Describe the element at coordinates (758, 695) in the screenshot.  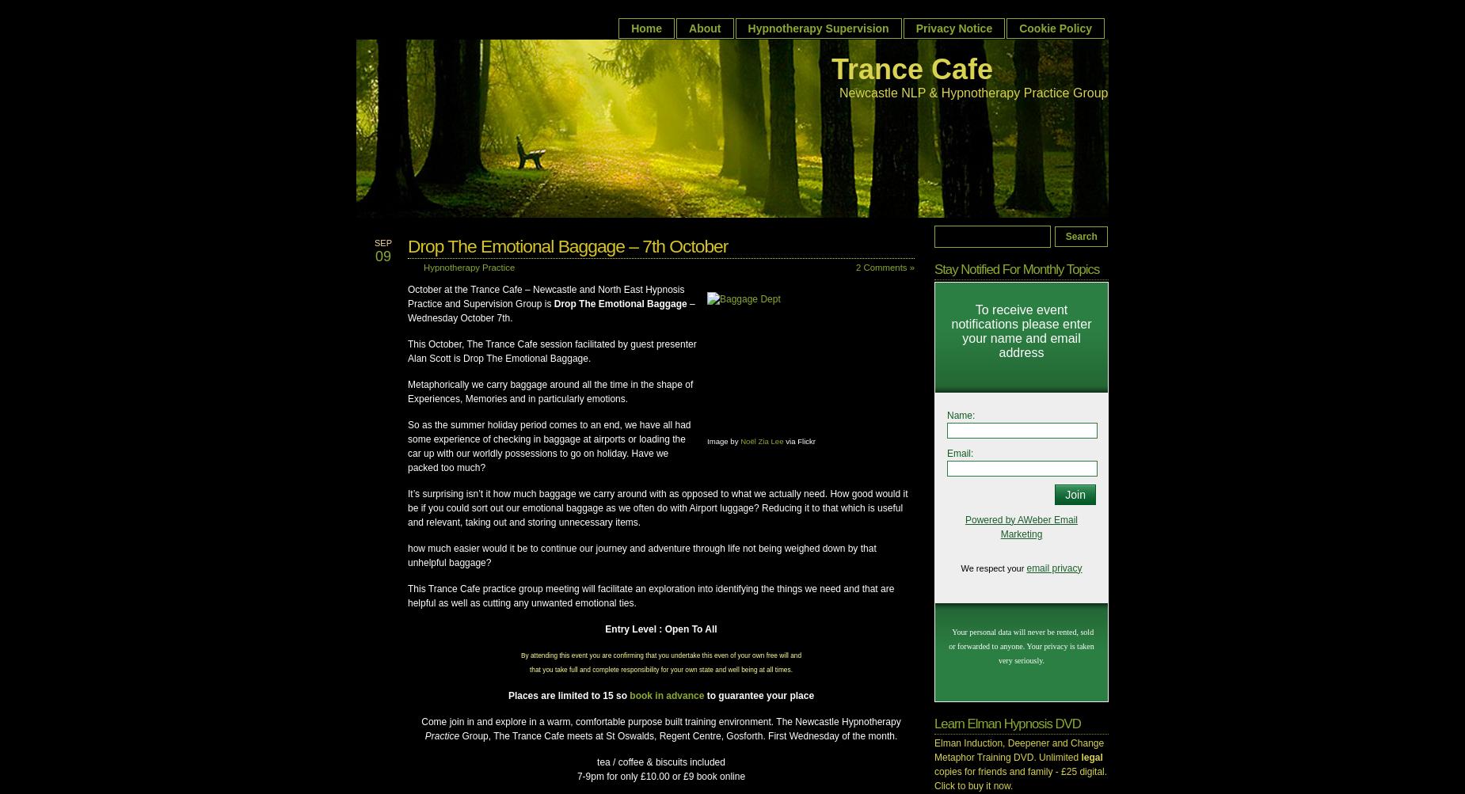
I see `'to guarantee your place'` at that location.